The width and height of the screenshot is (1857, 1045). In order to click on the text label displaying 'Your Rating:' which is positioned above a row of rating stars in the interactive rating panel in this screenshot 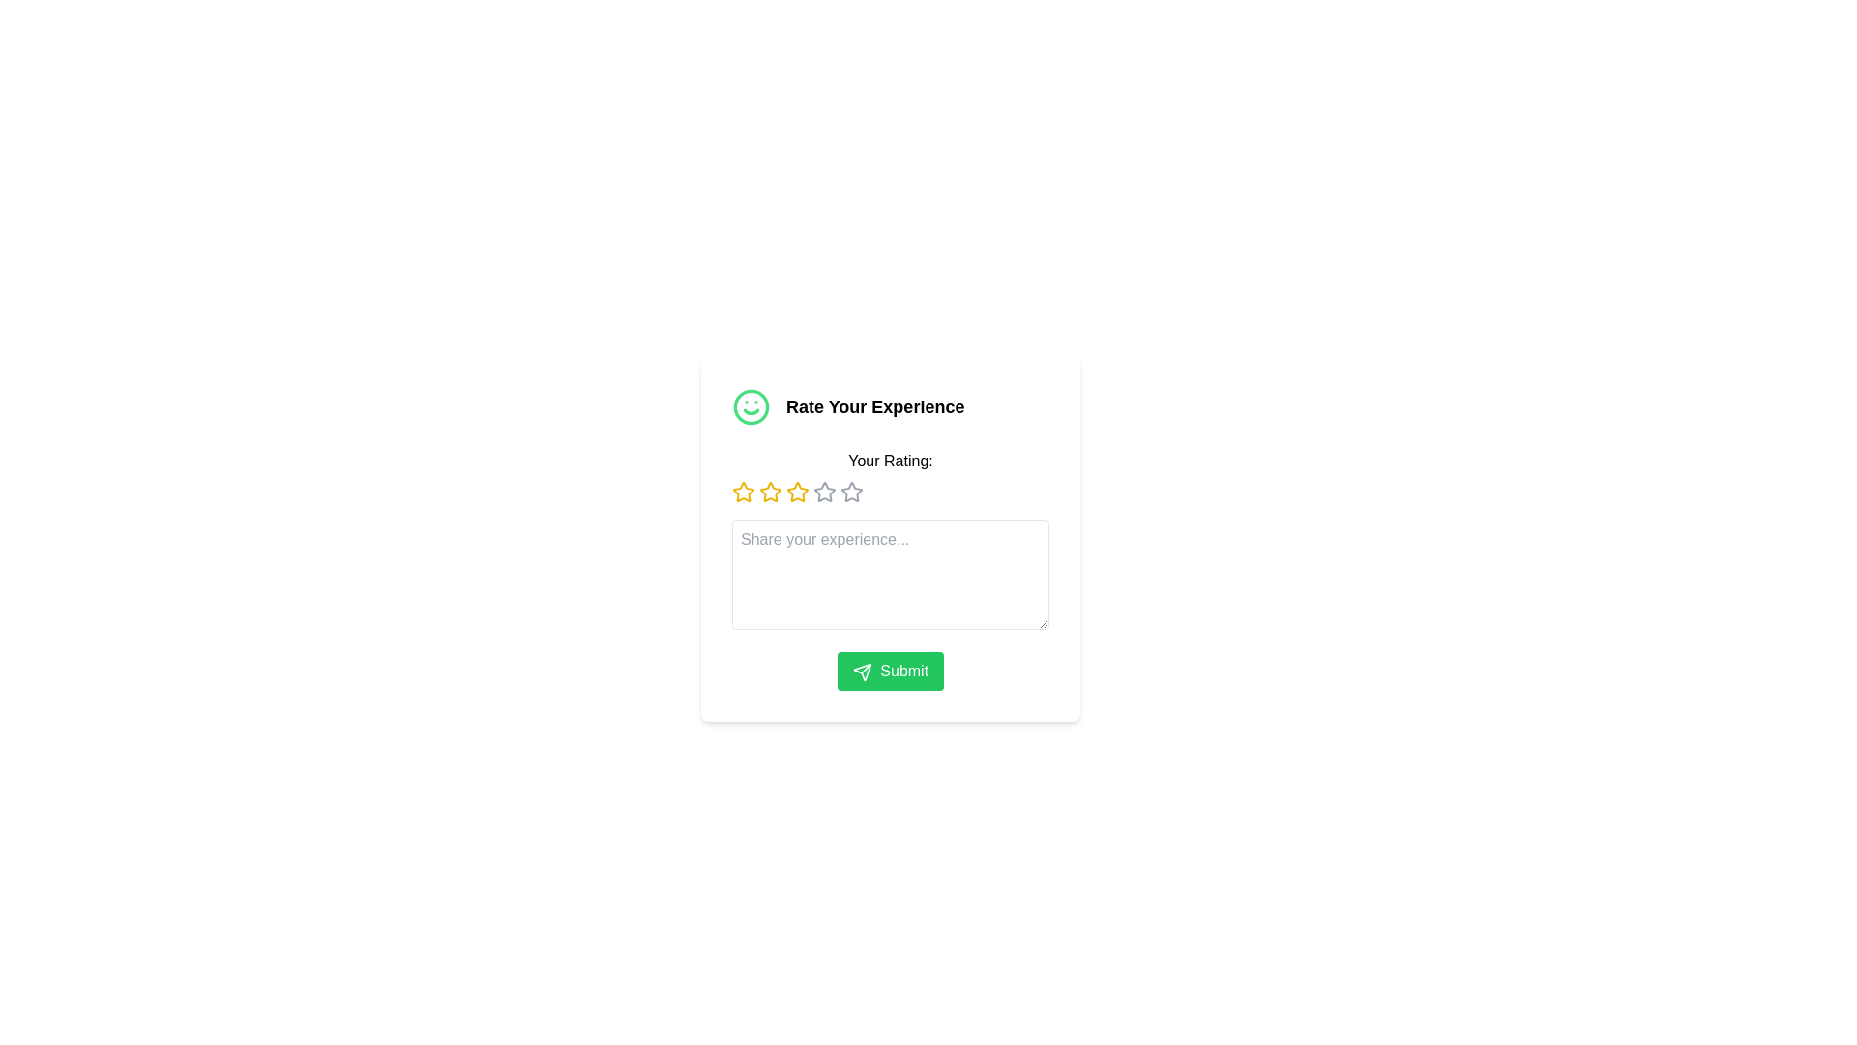, I will do `click(890, 462)`.